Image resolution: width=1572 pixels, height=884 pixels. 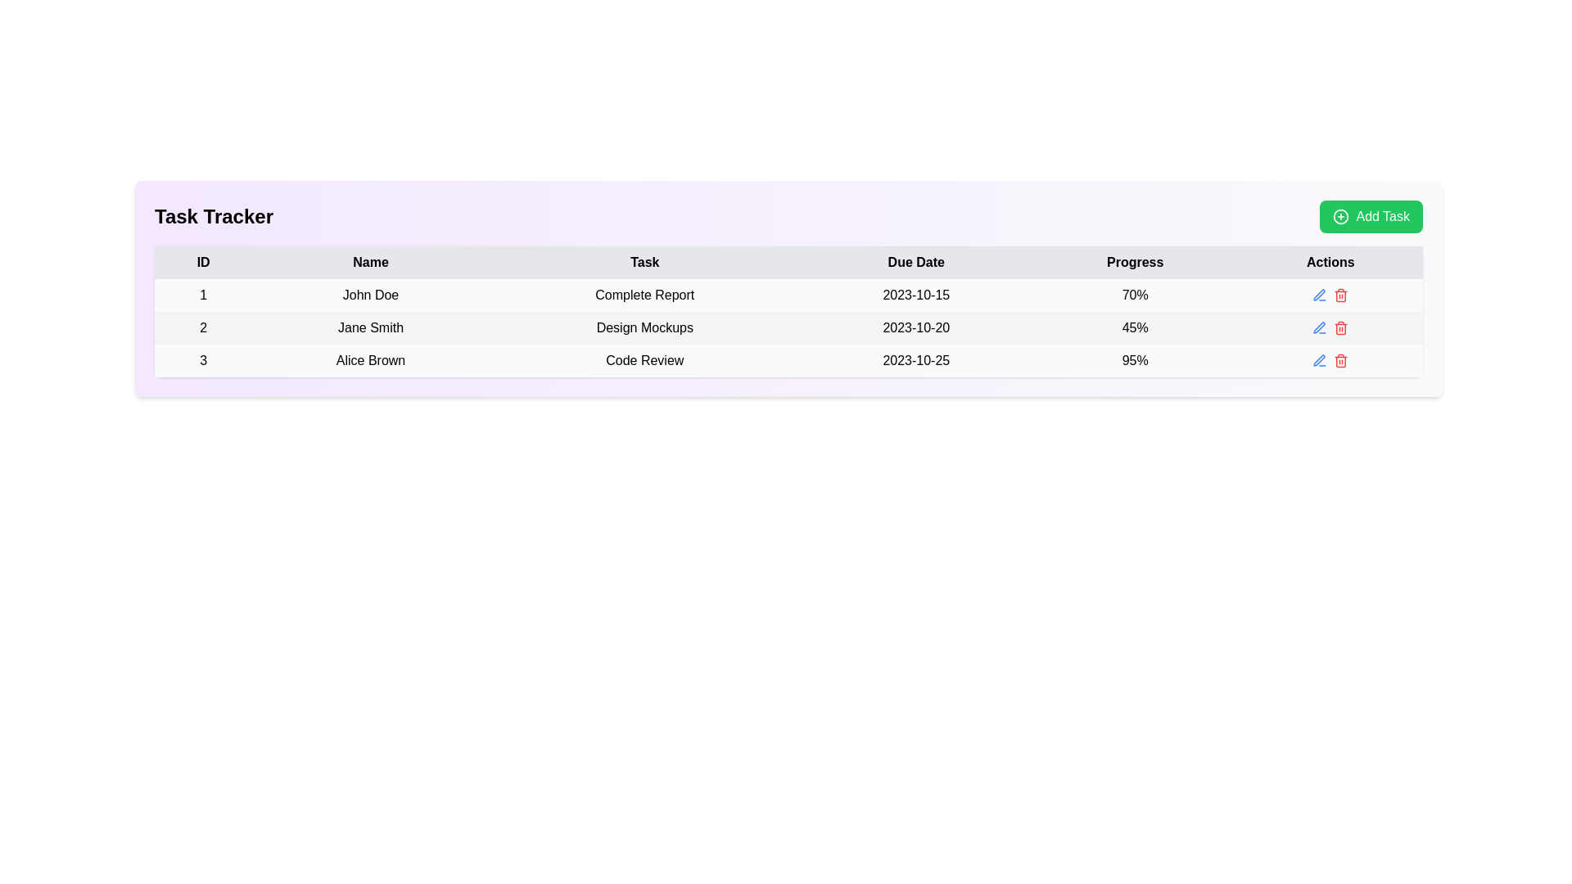 I want to click on the 'Task Tracker' text label, which is a bold black font on a light purple background, positioned at the top-left section of the interface, so click(x=213, y=216).